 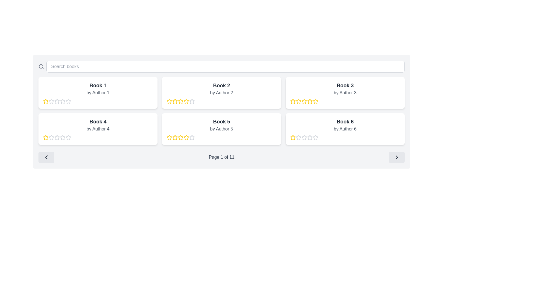 What do you see at coordinates (46, 137) in the screenshot?
I see `the appearance of the highlighted yellow star icon, which is the first in the sequence of five stars located underneath the title 'Book 4' and 'by Author 4'` at bounding box center [46, 137].